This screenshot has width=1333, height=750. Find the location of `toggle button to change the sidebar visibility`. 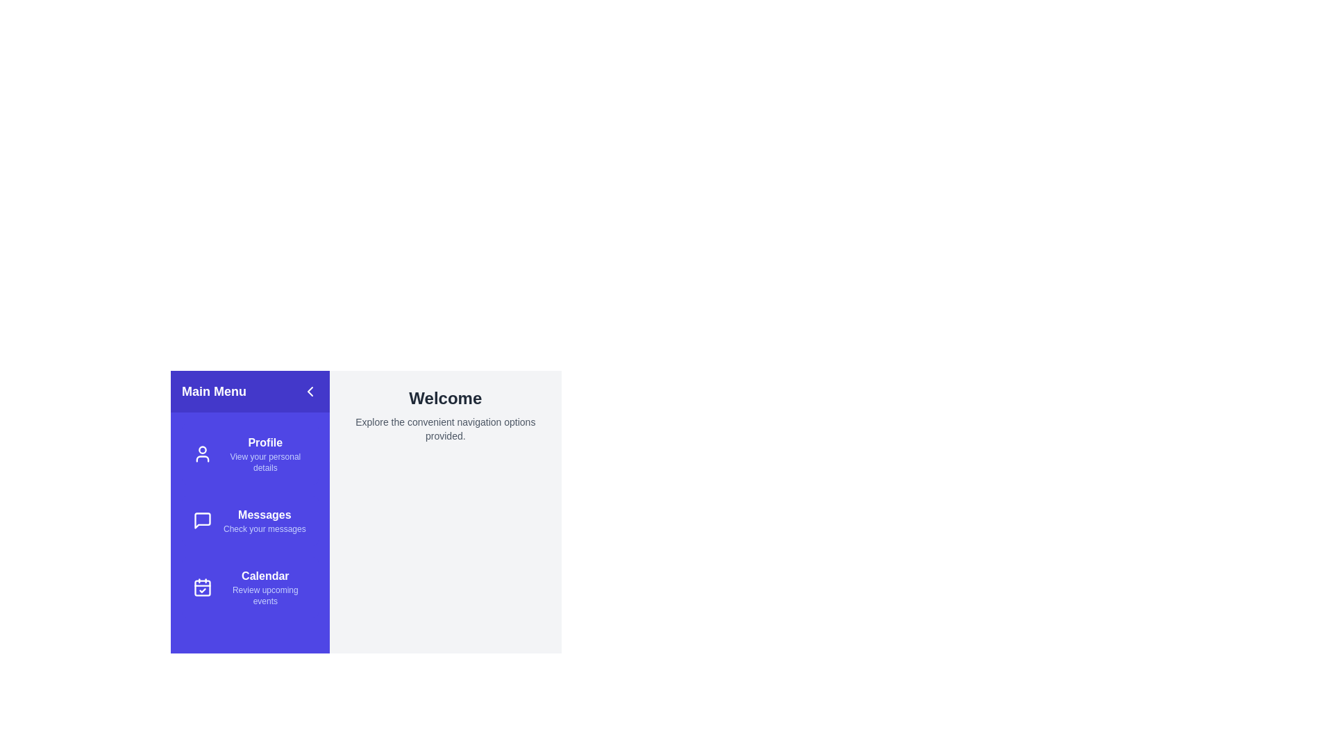

toggle button to change the sidebar visibility is located at coordinates (309, 391).